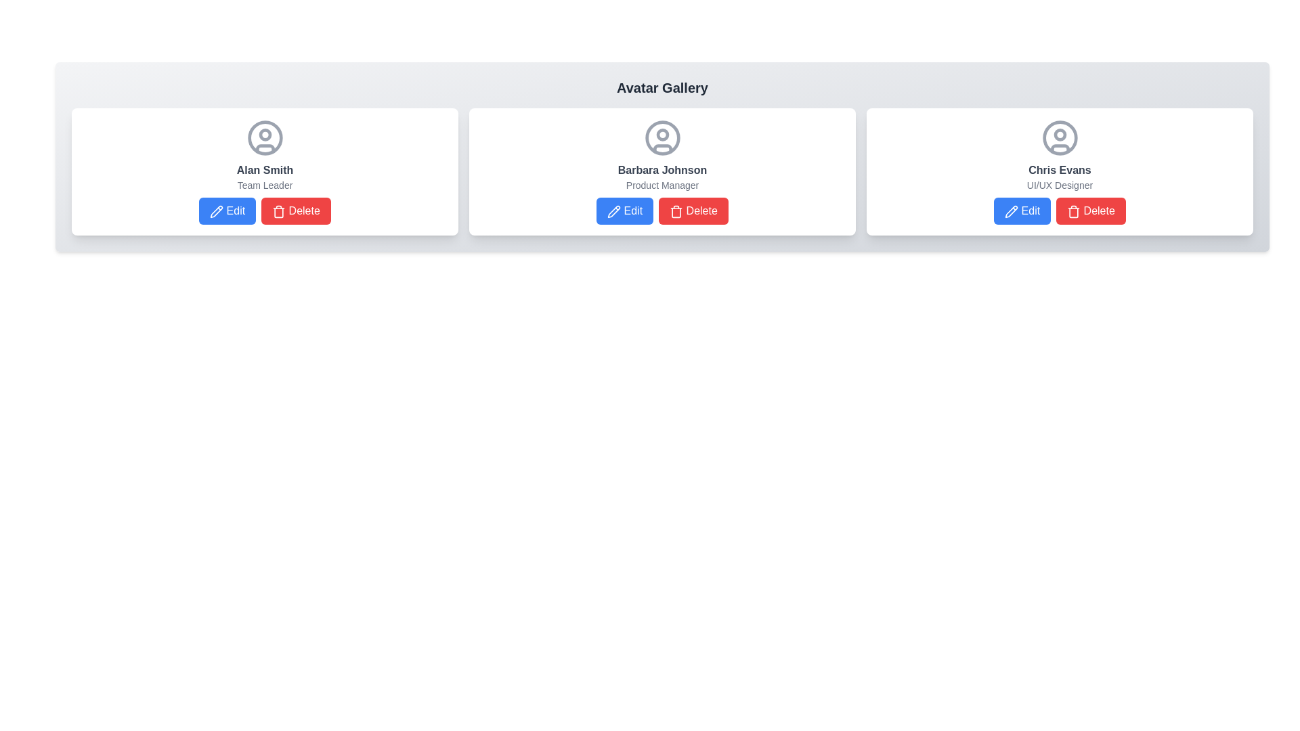 The image size is (1300, 731). I want to click on the trash can icon within the red 'Delete' button located in the bottom right of the card for 'Alan Smith - Team Leader', so click(278, 211).